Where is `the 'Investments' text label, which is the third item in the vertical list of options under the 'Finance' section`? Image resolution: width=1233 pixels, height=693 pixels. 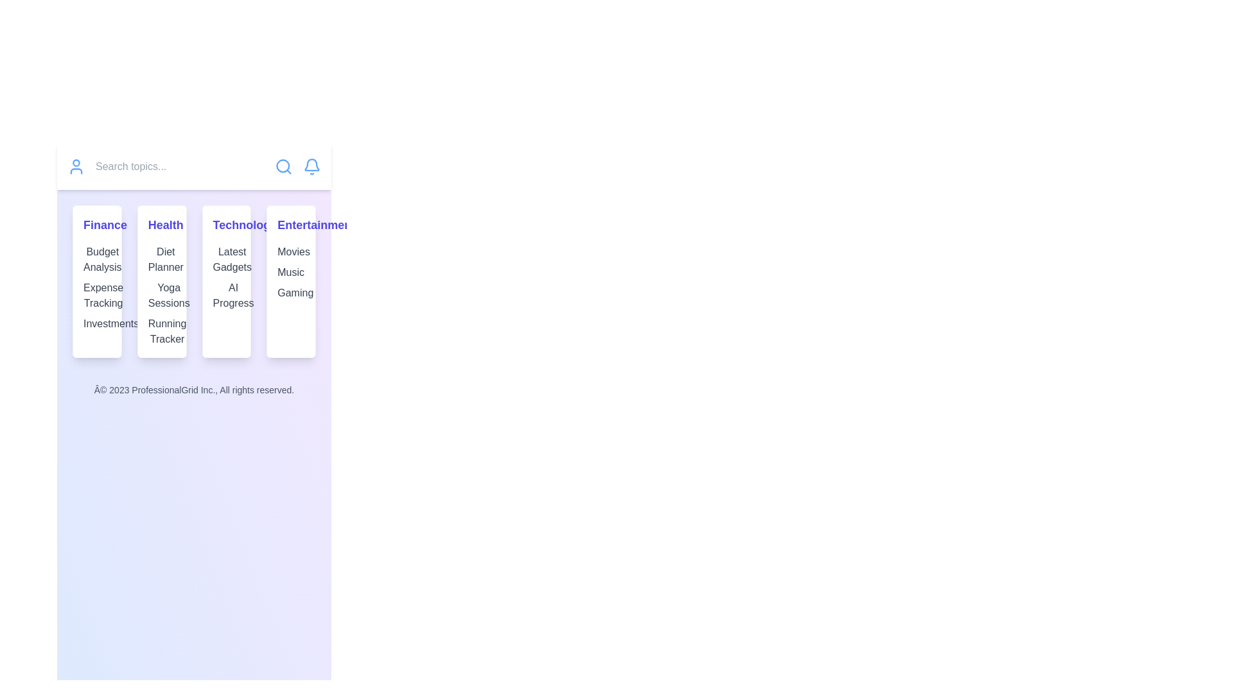 the 'Investments' text label, which is the third item in the vertical list of options under the 'Finance' section is located at coordinates (96, 323).